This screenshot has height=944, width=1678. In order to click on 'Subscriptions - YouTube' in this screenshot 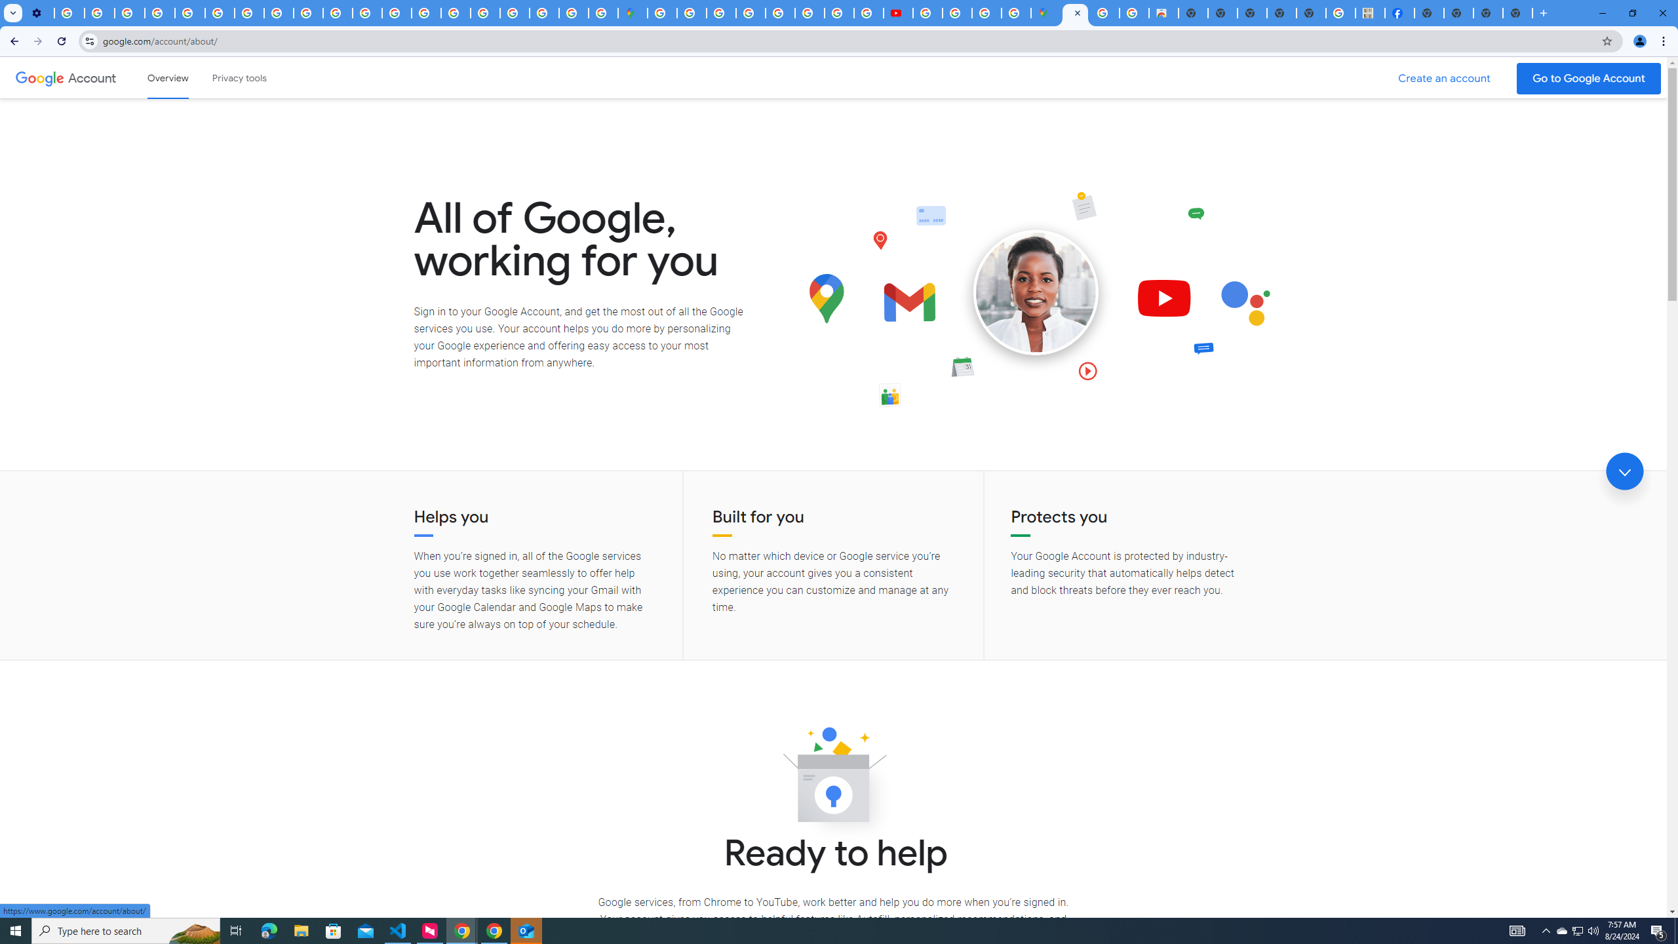, I will do `click(897, 12)`.